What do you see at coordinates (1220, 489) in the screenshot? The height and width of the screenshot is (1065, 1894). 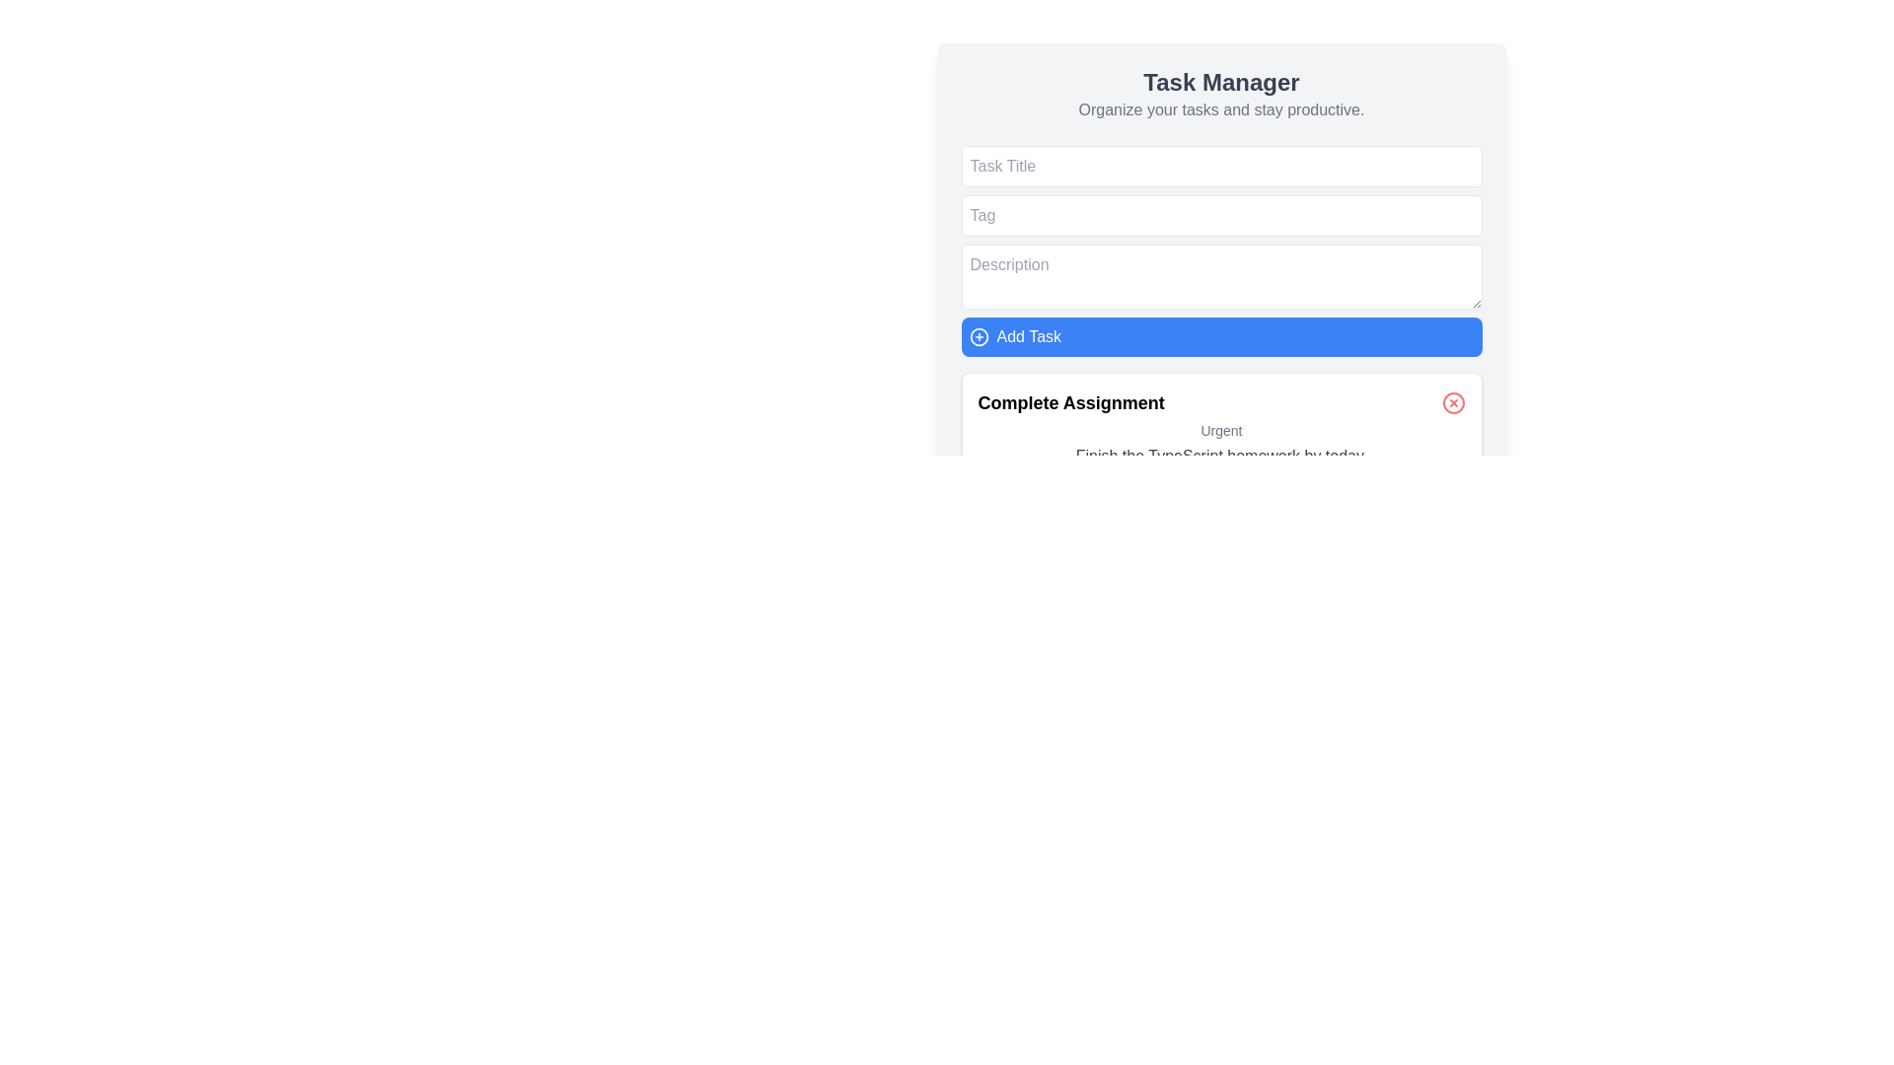 I see `the first task card in the task manager interface, which contains task information including title and priority` at bounding box center [1220, 489].